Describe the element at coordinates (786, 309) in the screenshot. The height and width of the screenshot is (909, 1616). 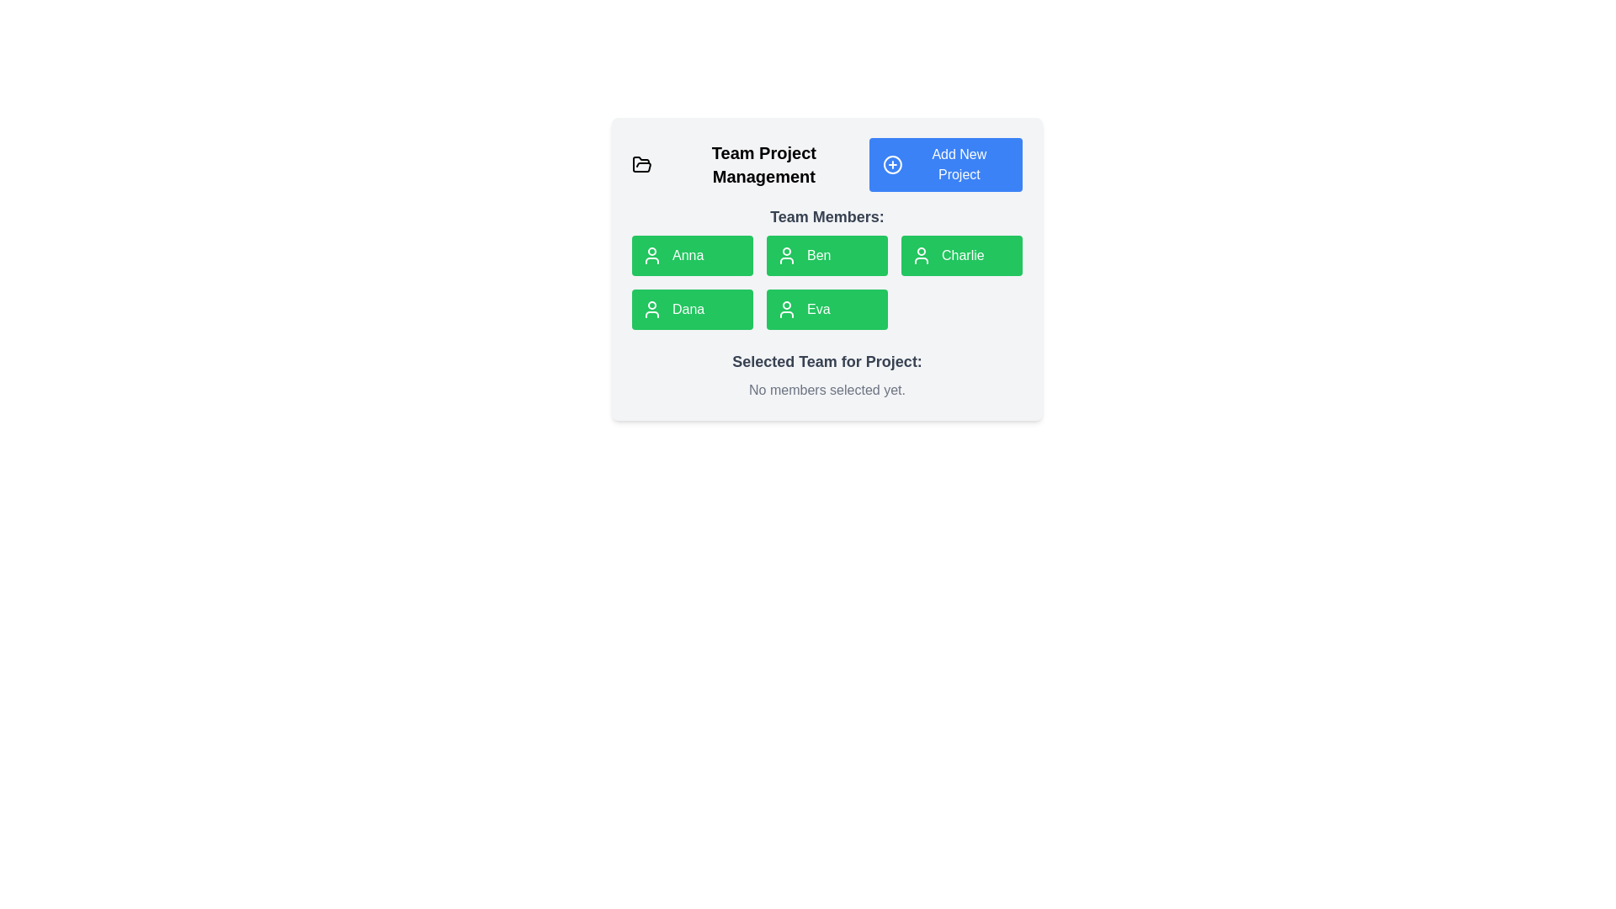
I see `the Profile icon representing the team member 'Eva', located inside the button labeled 'Eva' in the 'Team Members' section` at that location.